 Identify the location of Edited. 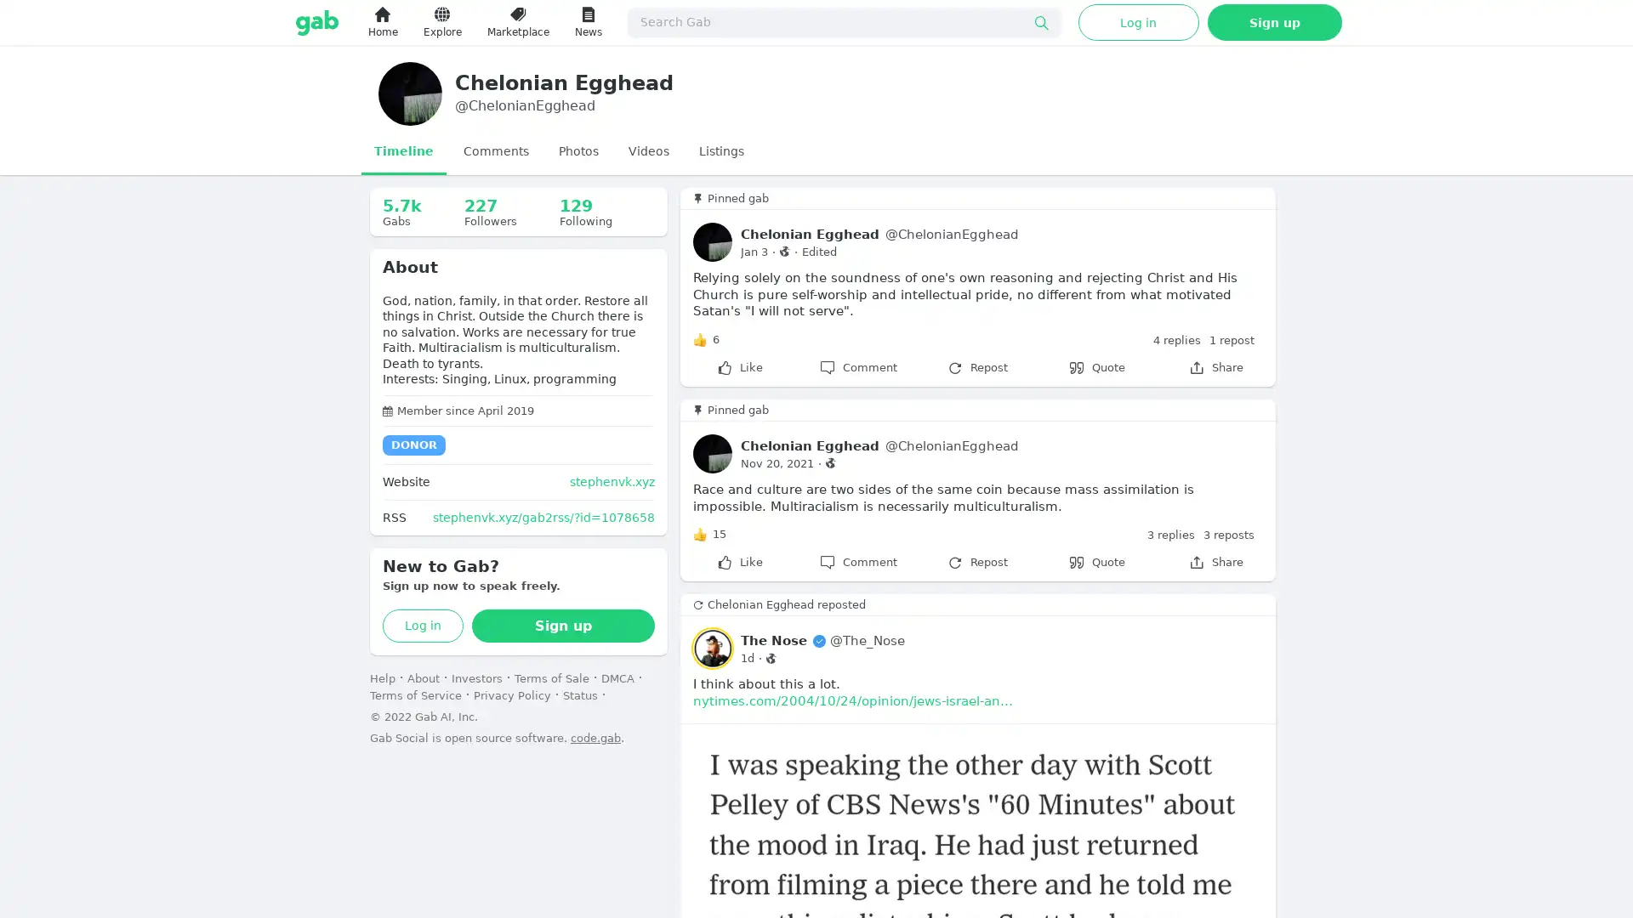
(819, 251).